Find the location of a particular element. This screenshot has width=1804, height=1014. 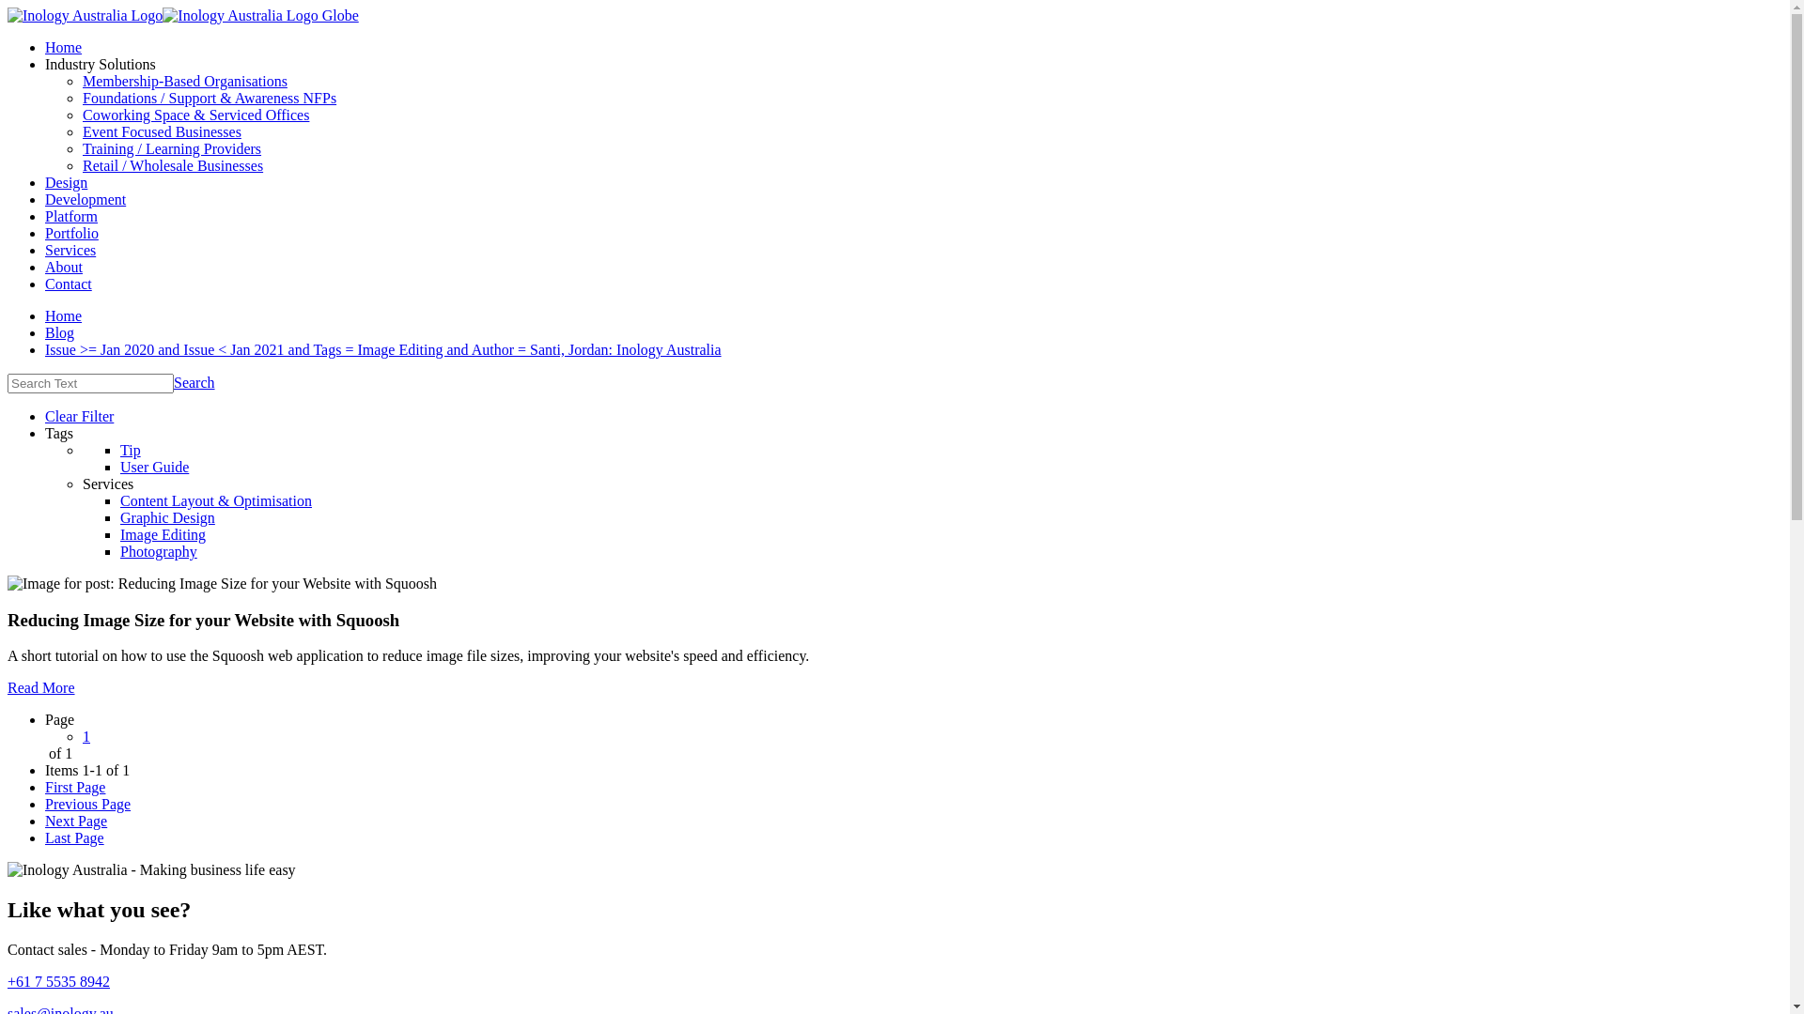

'Retail / Wholesale Businesses' is located at coordinates (172, 164).